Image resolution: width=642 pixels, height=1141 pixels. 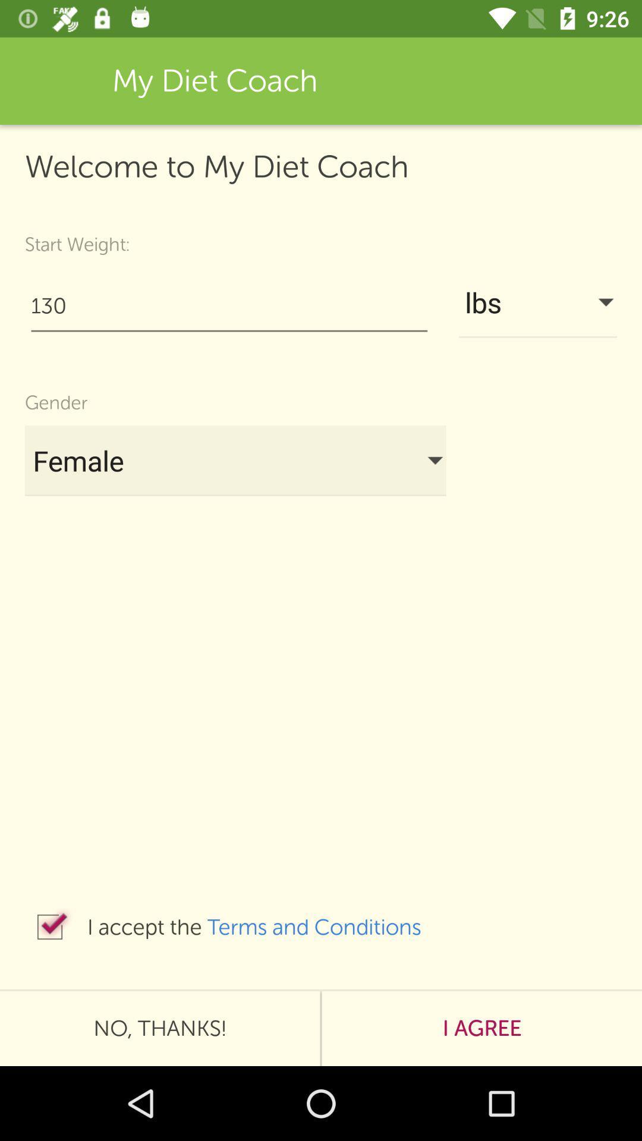 I want to click on item to the left of lbs, so click(x=229, y=305).